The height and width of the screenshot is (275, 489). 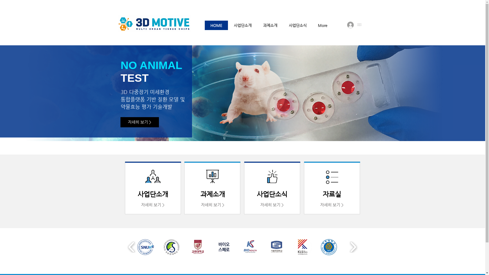 What do you see at coordinates (205, 25) in the screenshot?
I see `'HOME'` at bounding box center [205, 25].